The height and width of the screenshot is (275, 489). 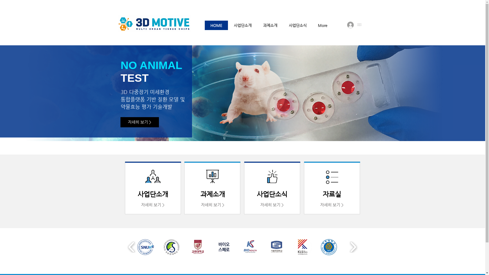 What do you see at coordinates (205, 25) in the screenshot?
I see `'HOME'` at bounding box center [205, 25].